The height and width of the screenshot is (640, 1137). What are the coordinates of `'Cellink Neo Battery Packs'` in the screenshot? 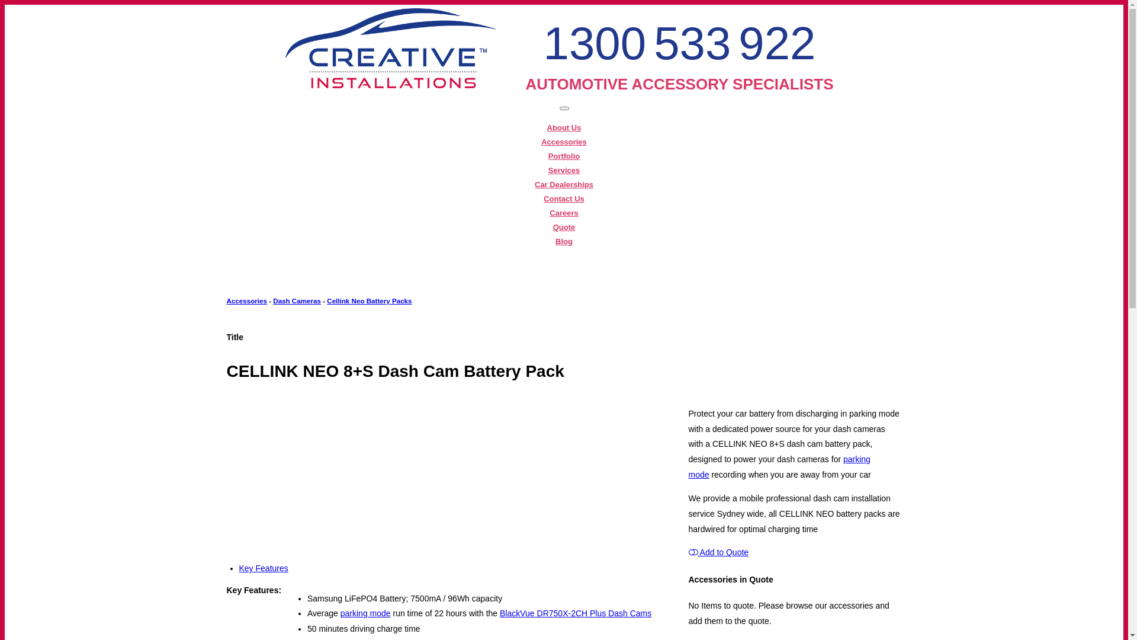 It's located at (368, 300).